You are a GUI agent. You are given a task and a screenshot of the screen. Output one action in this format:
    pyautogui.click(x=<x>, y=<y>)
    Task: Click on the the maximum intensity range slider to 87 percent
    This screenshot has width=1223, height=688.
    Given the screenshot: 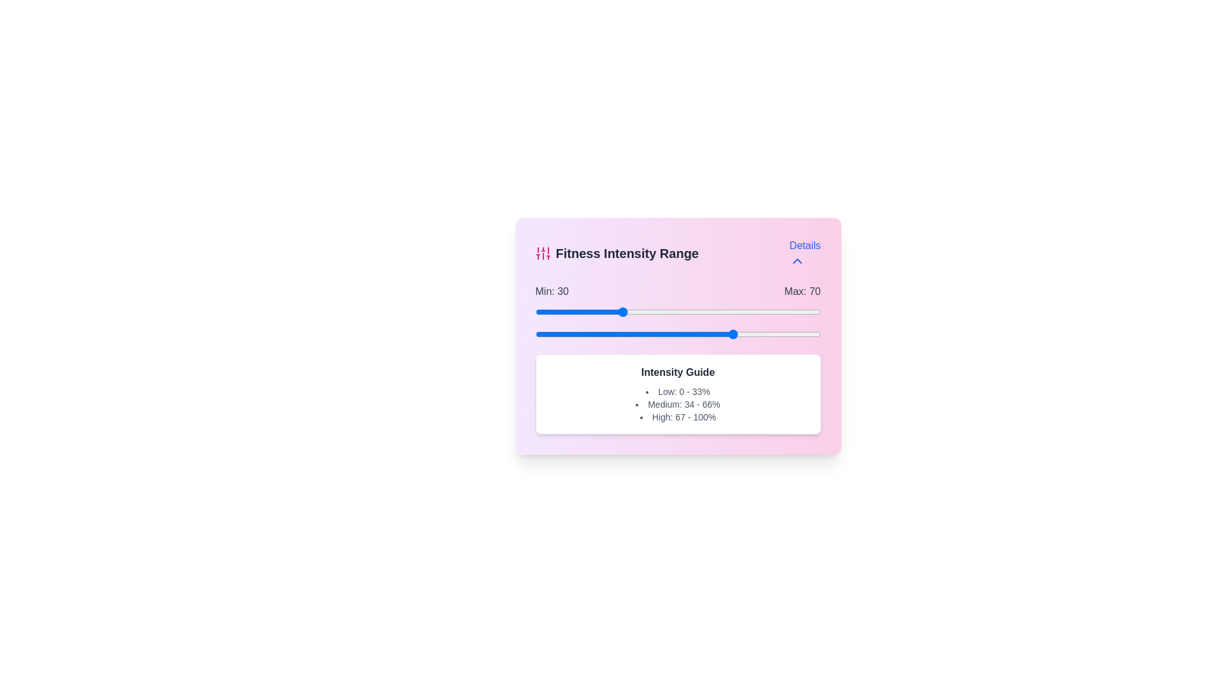 What is the action you would take?
    pyautogui.click(x=783, y=333)
    